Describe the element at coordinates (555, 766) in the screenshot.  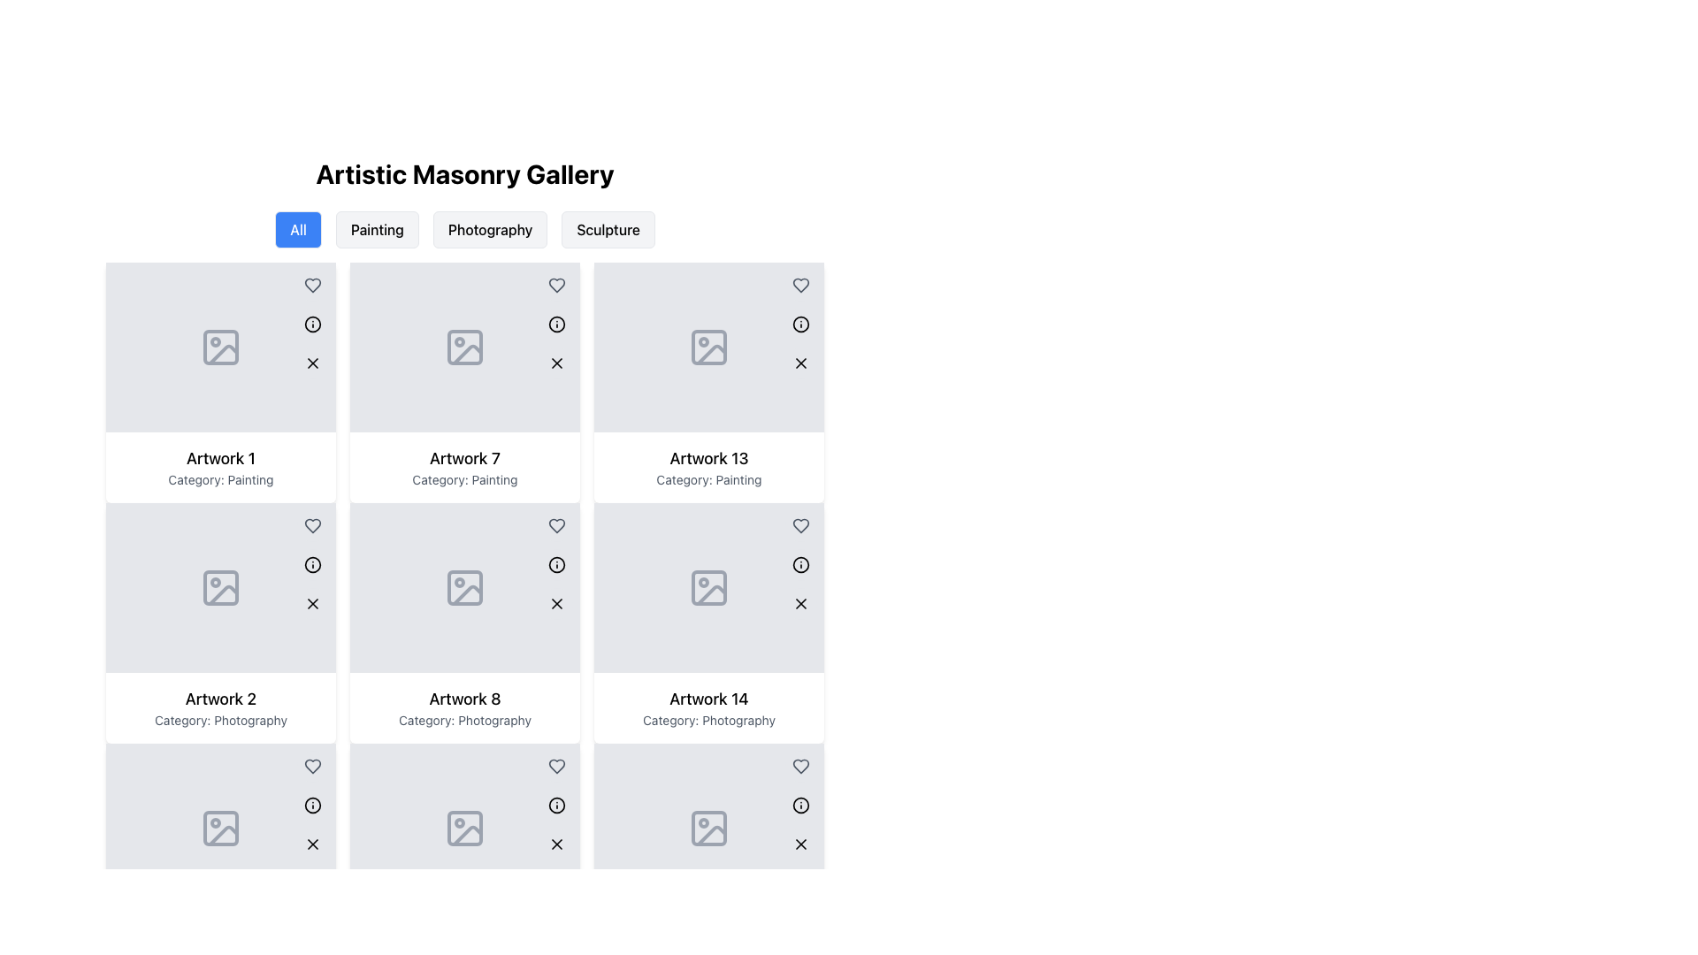
I see `the heart-shaped icon in the top-right corner of the 'Artwork 8' cell` at that location.